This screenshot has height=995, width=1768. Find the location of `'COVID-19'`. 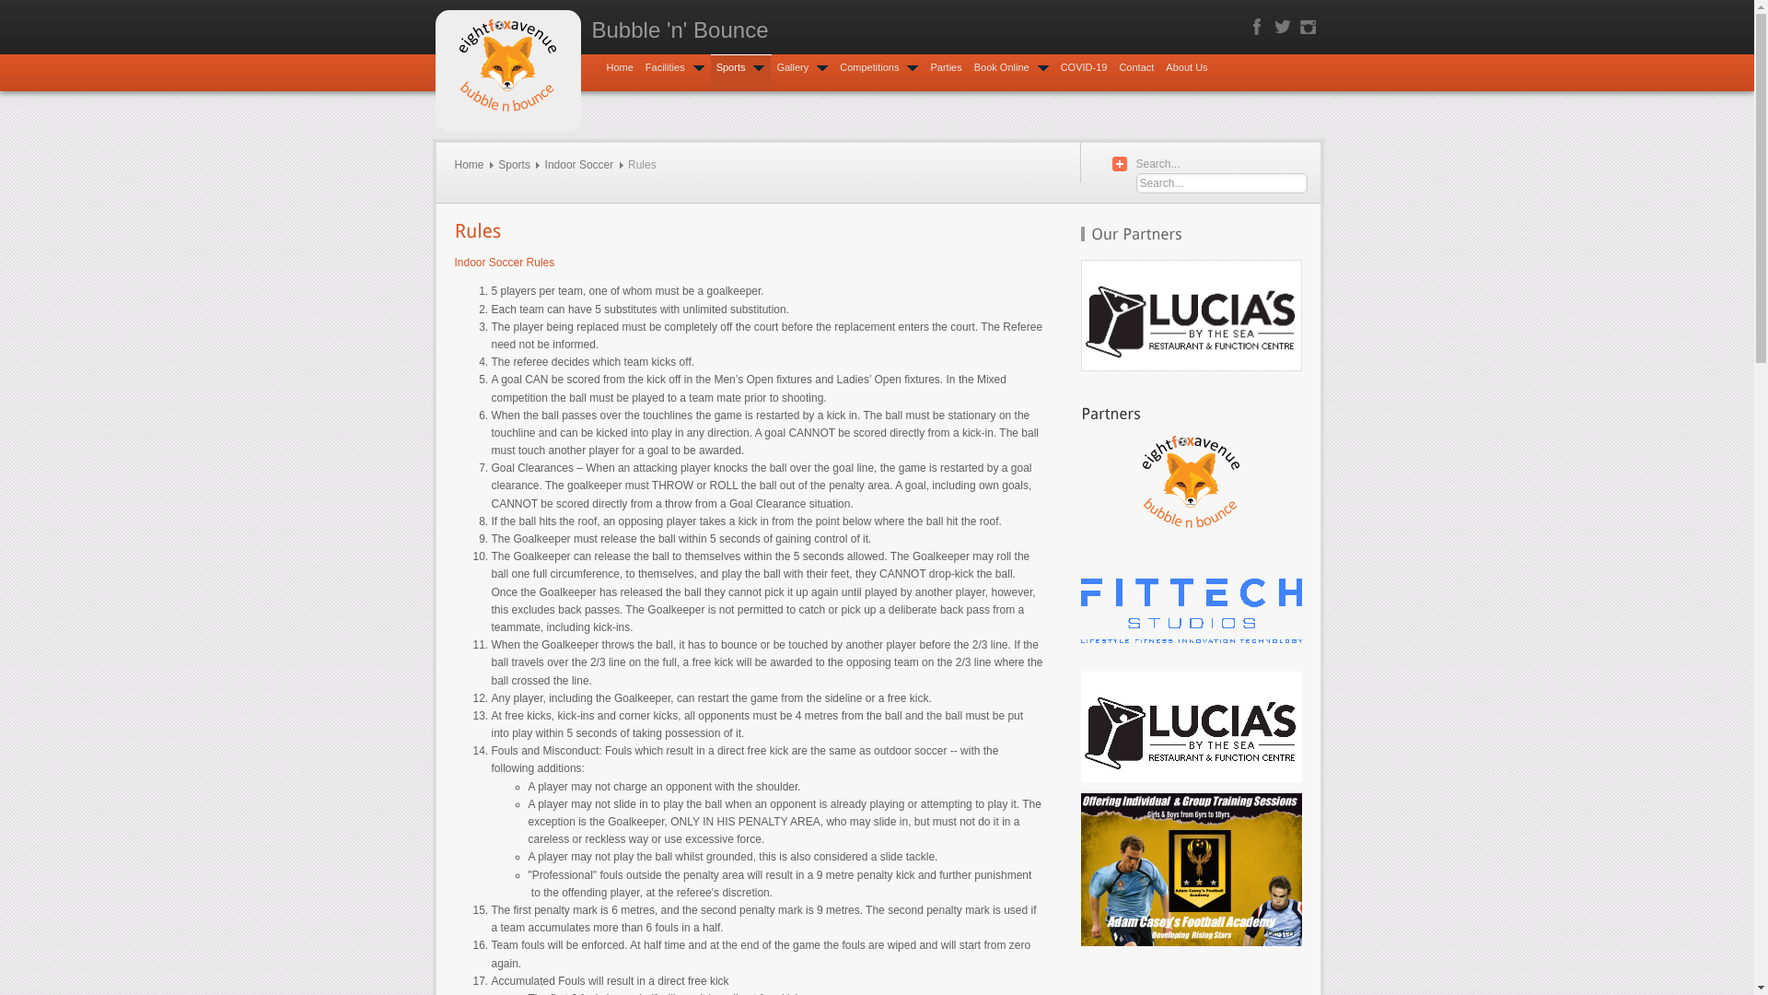

'COVID-19' is located at coordinates (1061, 73).